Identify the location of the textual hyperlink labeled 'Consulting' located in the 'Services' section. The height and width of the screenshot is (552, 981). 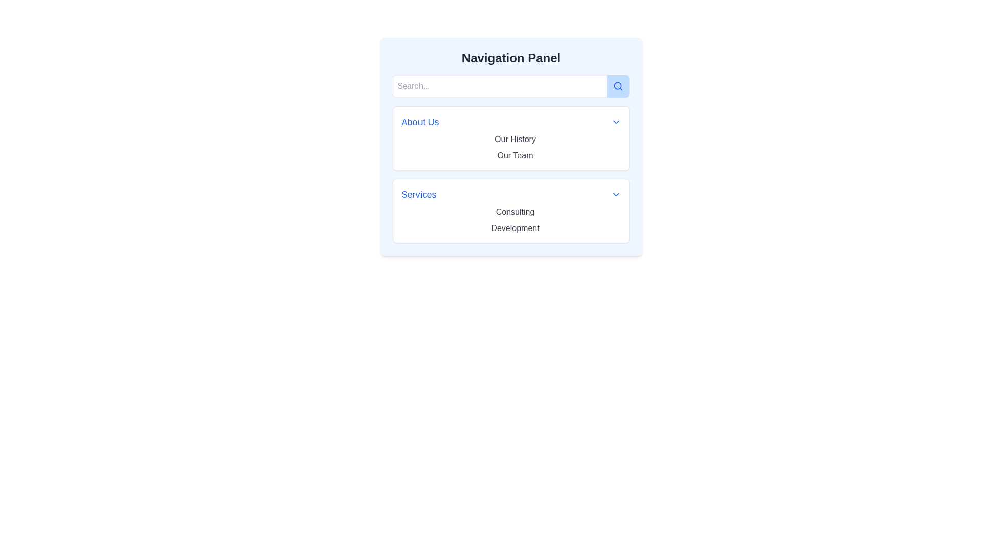
(515, 211).